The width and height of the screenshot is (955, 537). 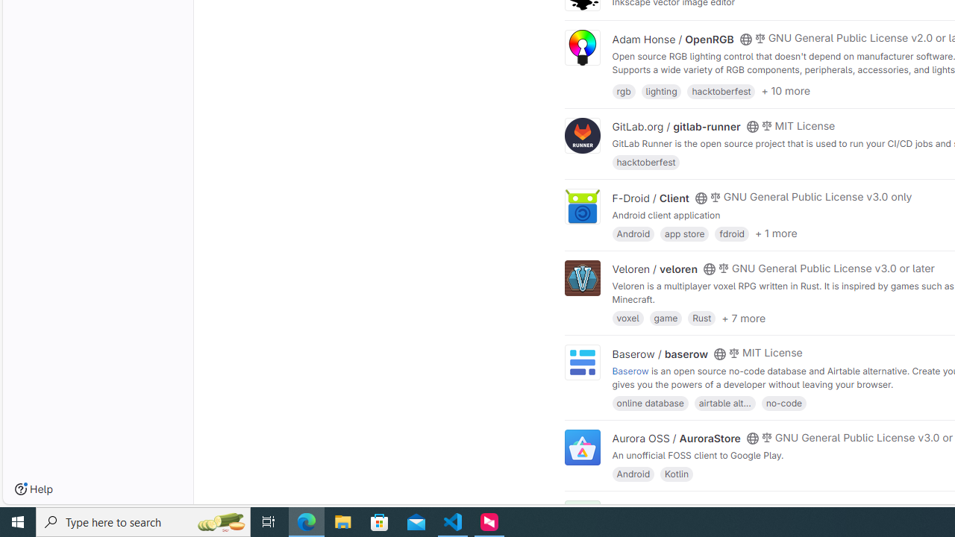 I want to click on 'Class: project', so click(x=581, y=446).